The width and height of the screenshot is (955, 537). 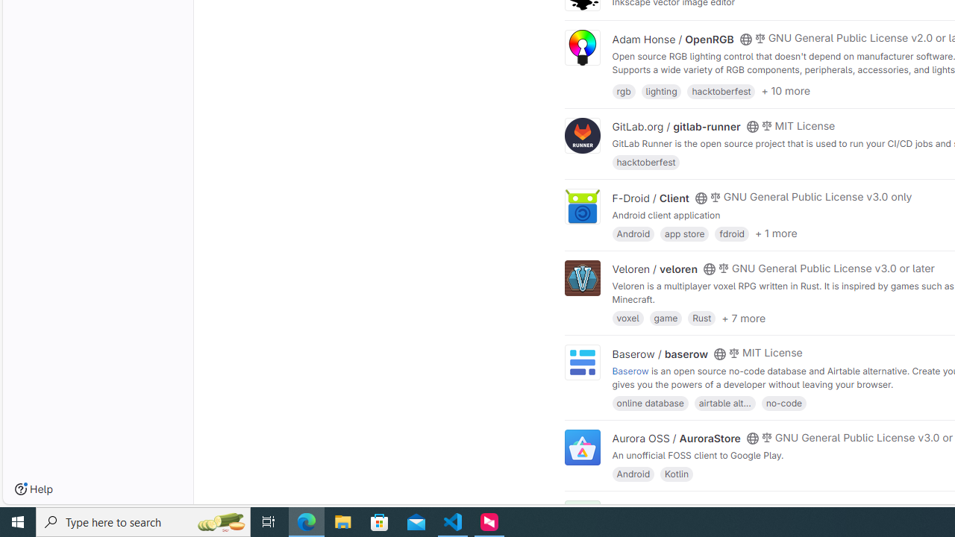 I want to click on 'Class: project', so click(x=581, y=446).